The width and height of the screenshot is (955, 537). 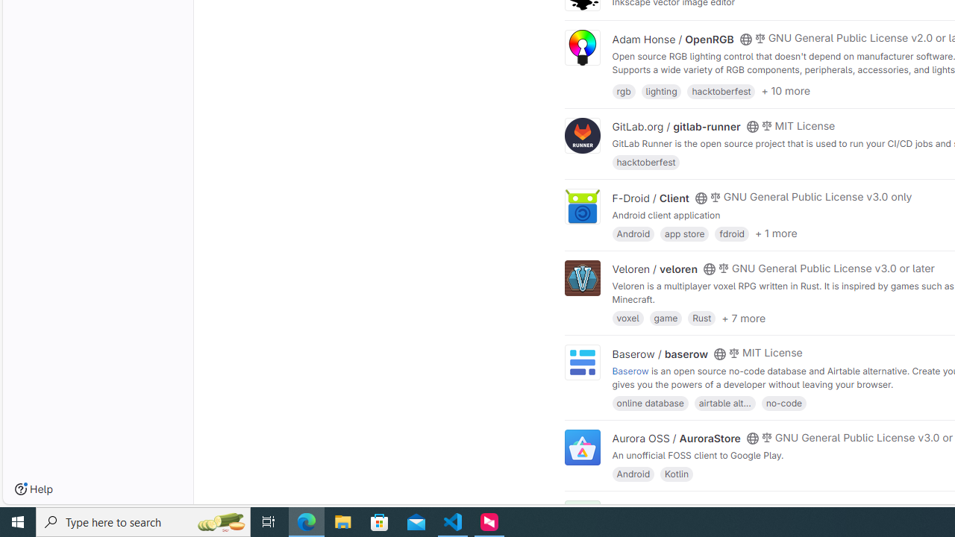 I want to click on 'Class: project', so click(x=581, y=446).